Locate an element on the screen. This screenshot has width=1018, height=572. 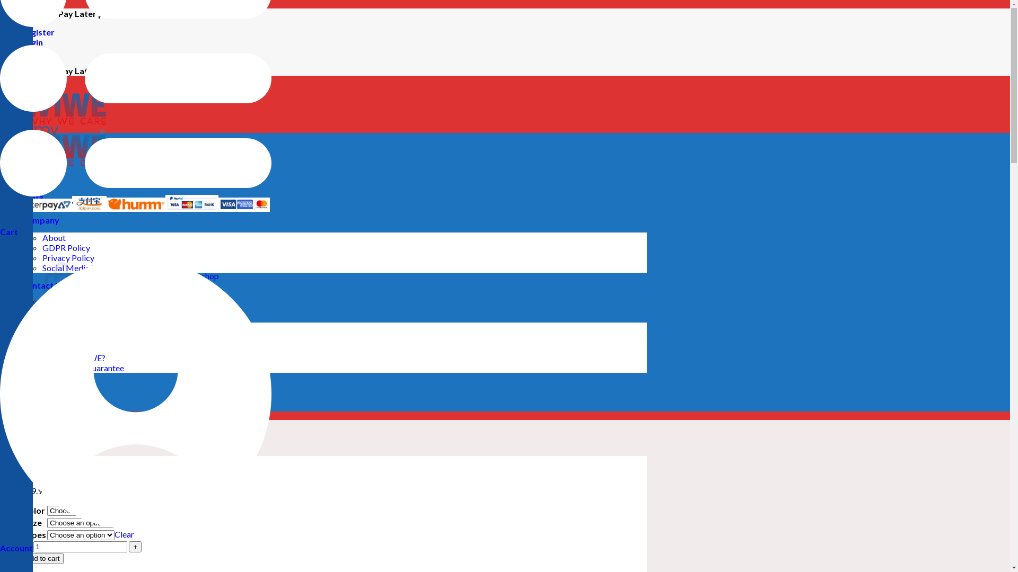
'What is a WIWE?' is located at coordinates (73, 358).